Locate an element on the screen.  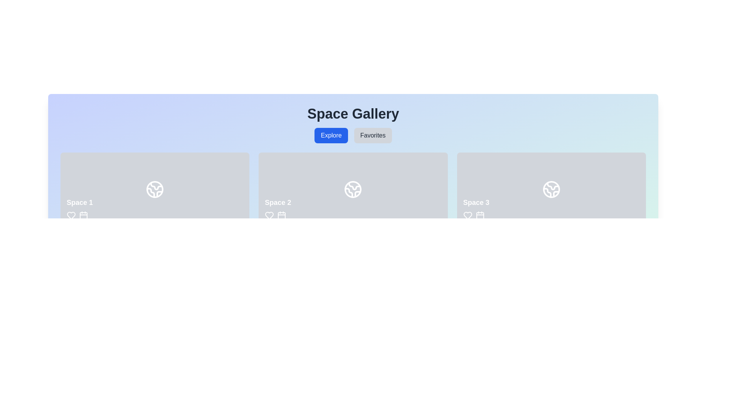
the heart icon located at the bottom-left corner of the 'Space 3' card to mark it as a favorite is located at coordinates (467, 215).